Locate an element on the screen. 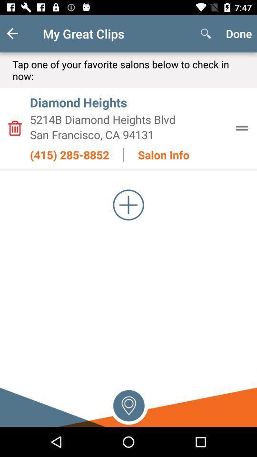 Image resolution: width=257 pixels, height=457 pixels. activate your location is located at coordinates (128, 404).